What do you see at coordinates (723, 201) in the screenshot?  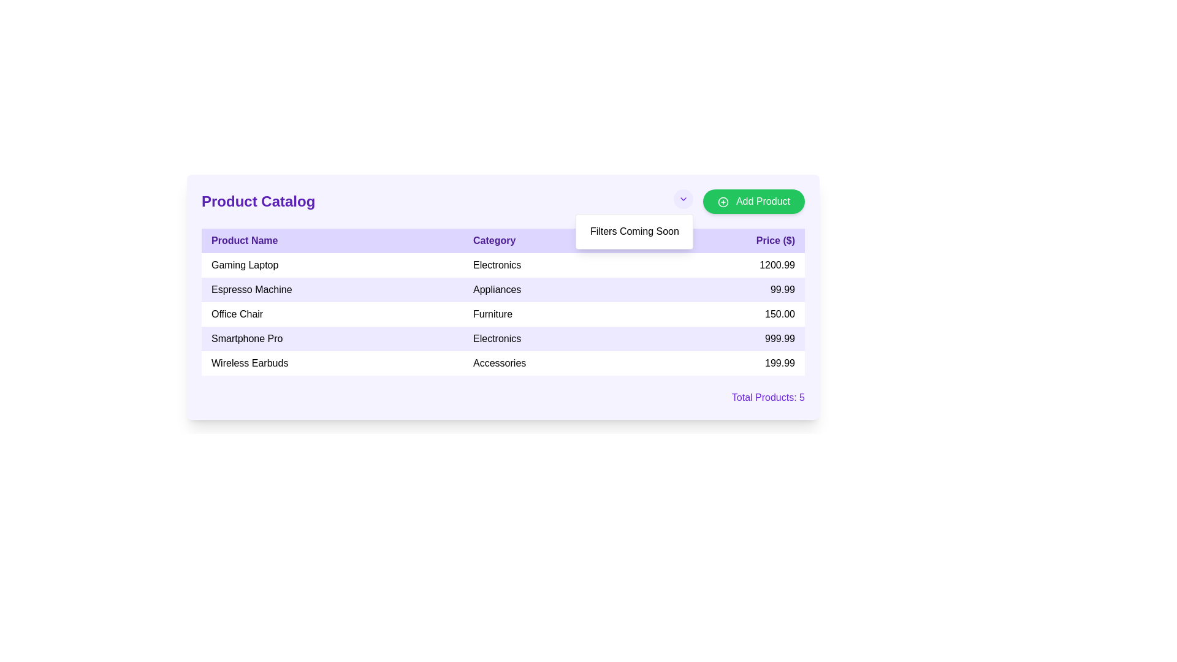 I see `the circular icon (SVG) indicating the 'Add Product' function, located to the left of the button text in the top-right corner of the purple-bordered section` at bounding box center [723, 201].